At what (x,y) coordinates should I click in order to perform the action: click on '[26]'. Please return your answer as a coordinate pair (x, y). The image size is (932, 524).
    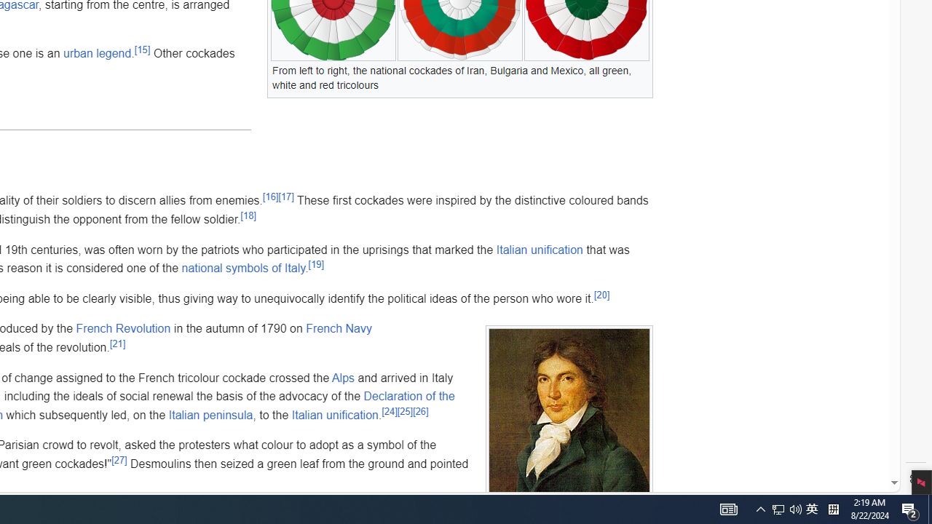
    Looking at the image, I should click on (419, 411).